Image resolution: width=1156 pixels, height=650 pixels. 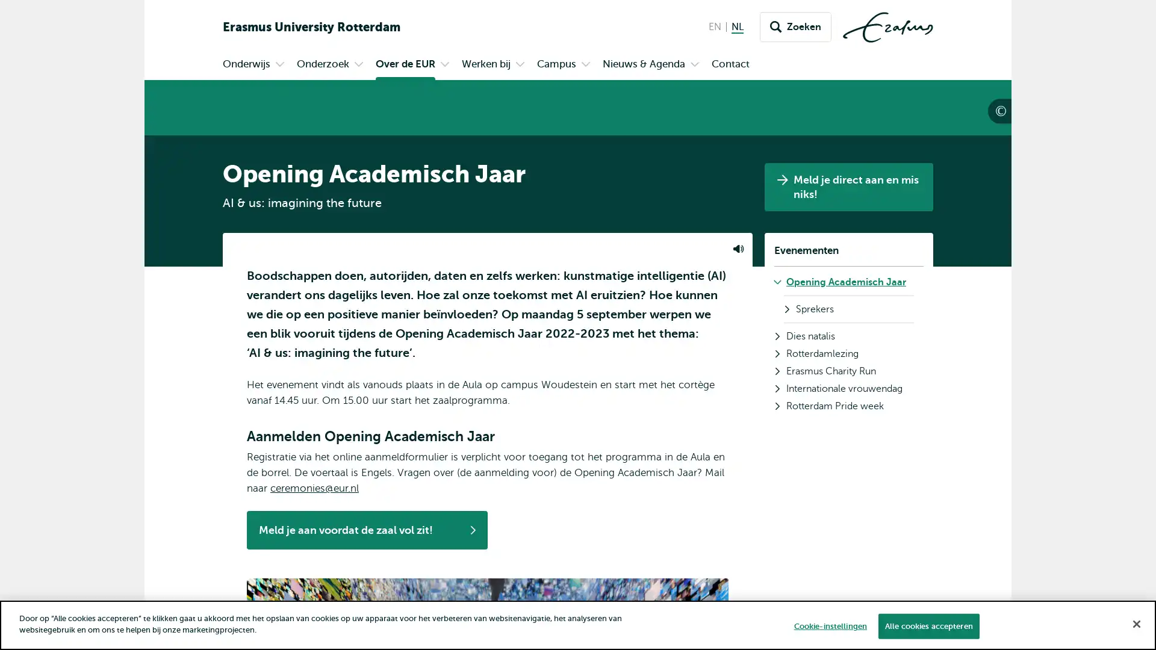 What do you see at coordinates (586, 65) in the screenshot?
I see `Open submenu` at bounding box center [586, 65].